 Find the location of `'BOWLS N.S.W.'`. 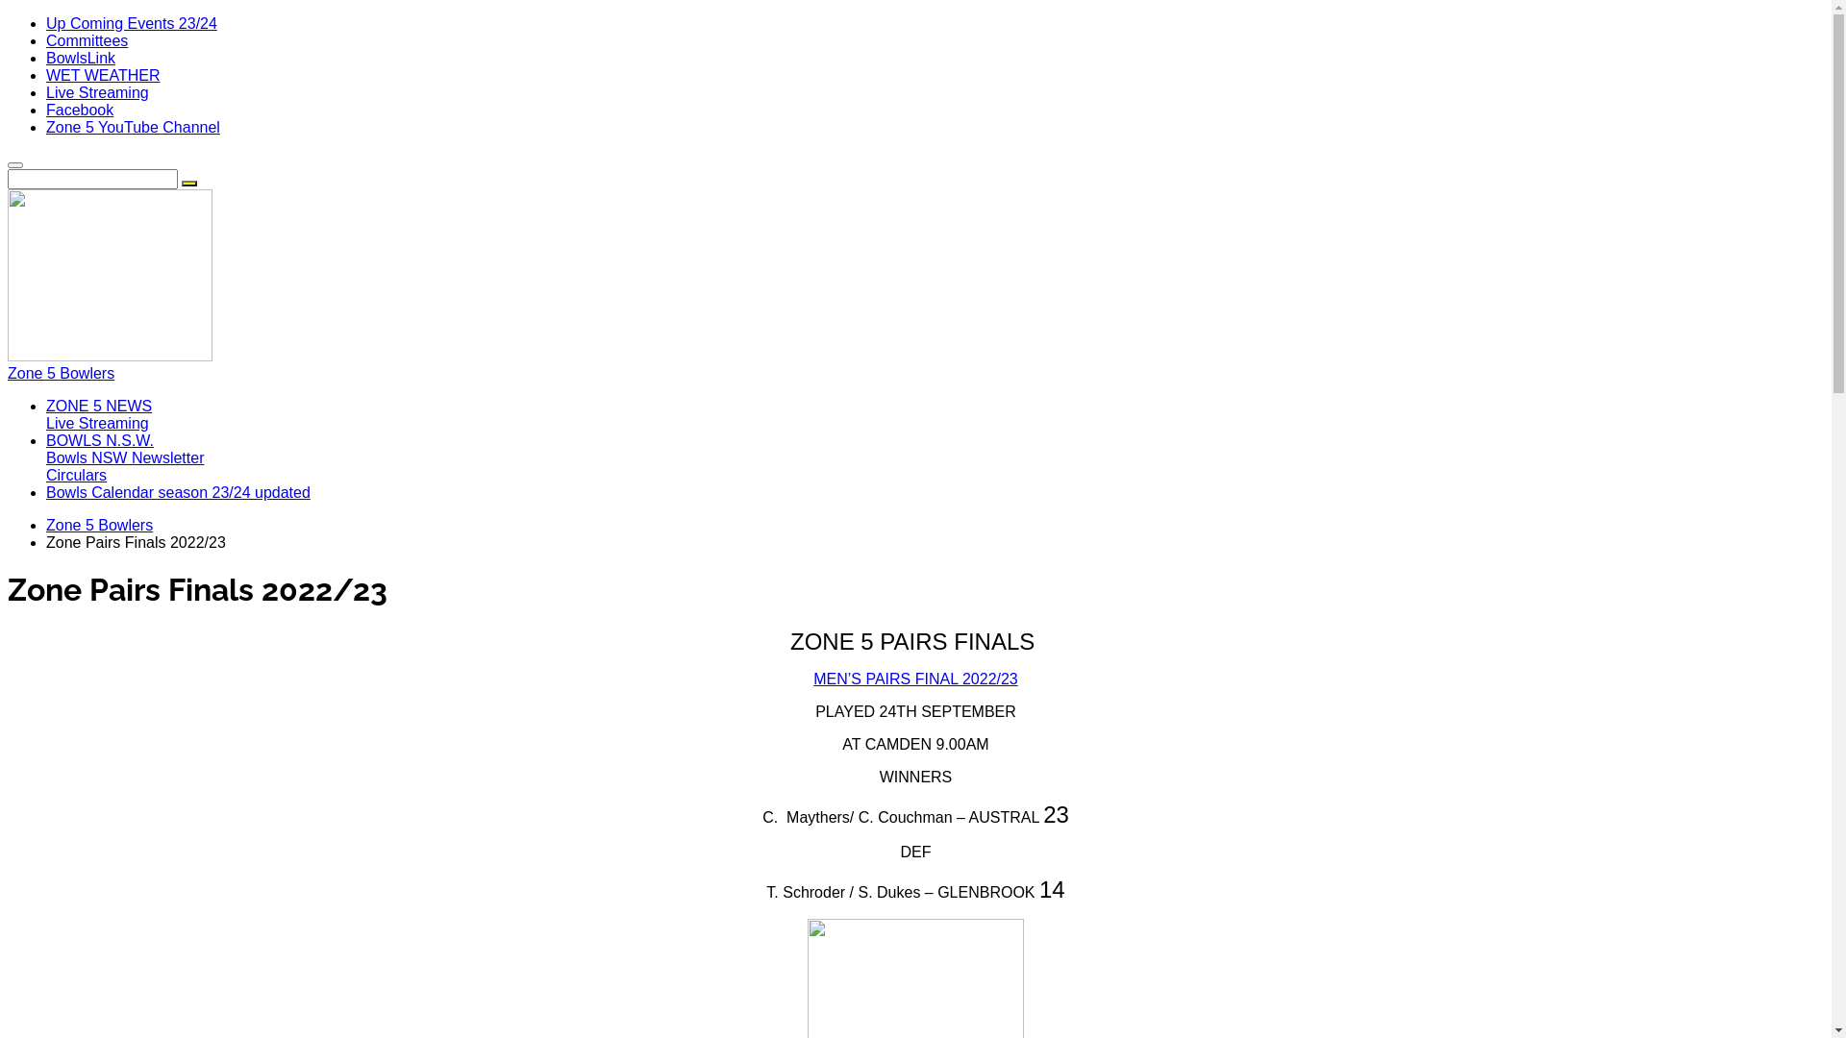

'BOWLS N.S.W.' is located at coordinates (99, 440).